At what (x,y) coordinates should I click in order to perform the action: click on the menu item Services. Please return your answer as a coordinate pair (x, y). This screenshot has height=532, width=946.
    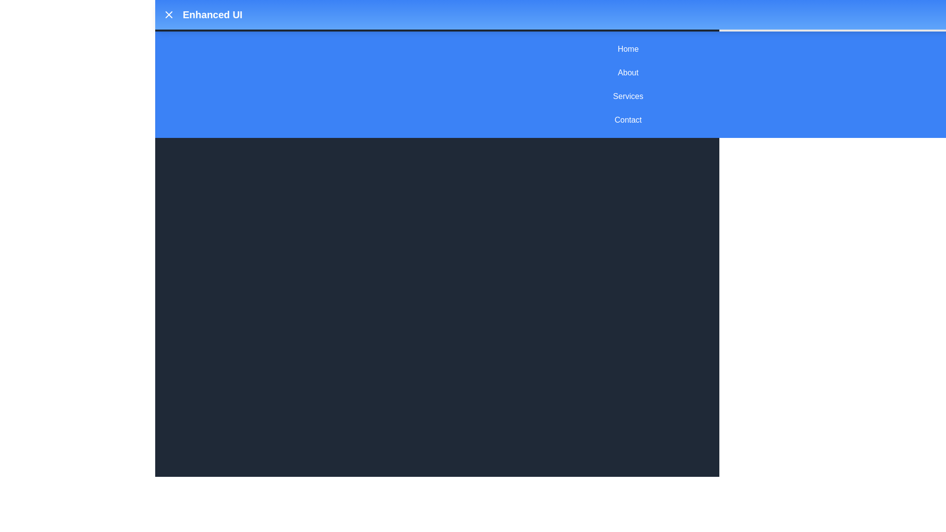
    Looking at the image, I should click on (628, 97).